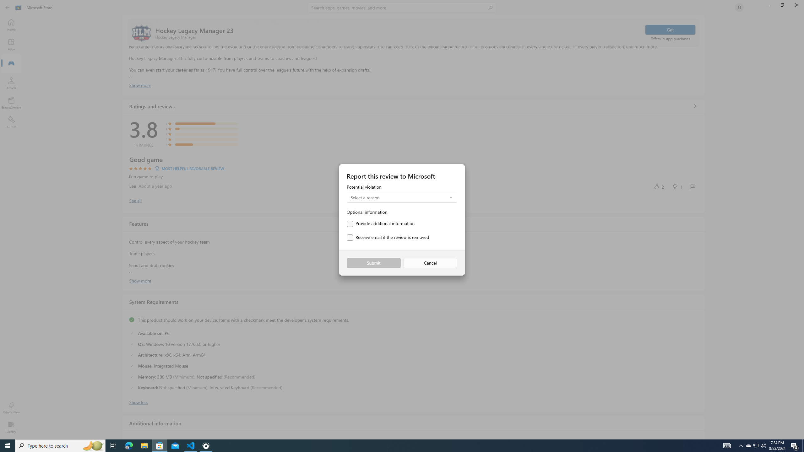 This screenshot has height=452, width=804. What do you see at coordinates (677, 186) in the screenshot?
I see `'No, this was not helpful. 1 votes.'` at bounding box center [677, 186].